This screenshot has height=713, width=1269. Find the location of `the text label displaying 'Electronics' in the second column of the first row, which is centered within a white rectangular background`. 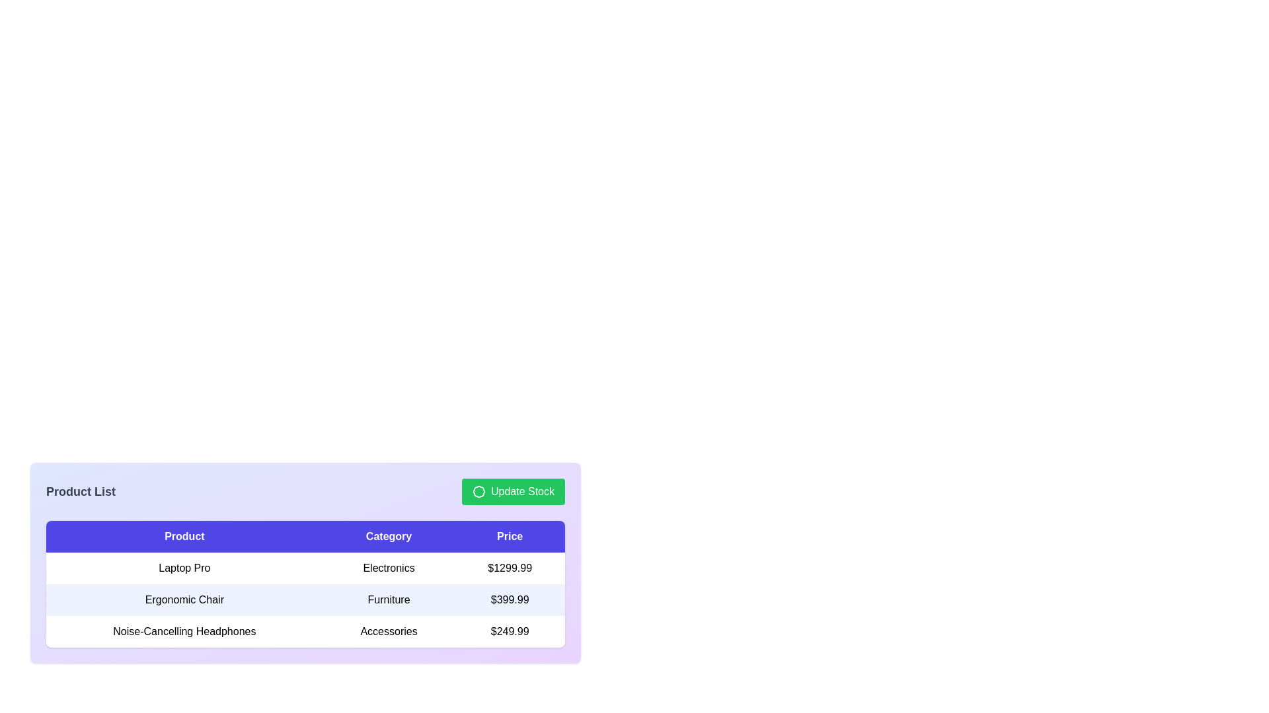

the text label displaying 'Electronics' in the second column of the first row, which is centered within a white rectangular background is located at coordinates (388, 567).